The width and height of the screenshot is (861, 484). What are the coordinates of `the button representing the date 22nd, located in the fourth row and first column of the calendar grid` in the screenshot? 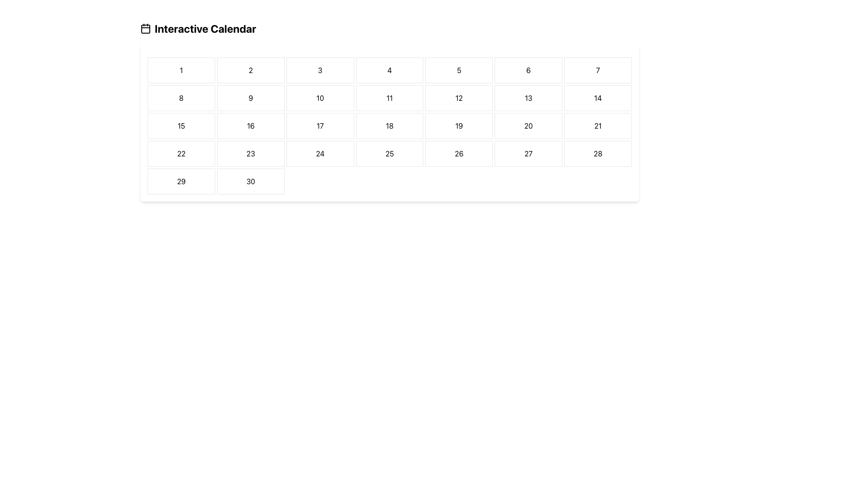 It's located at (180, 153).